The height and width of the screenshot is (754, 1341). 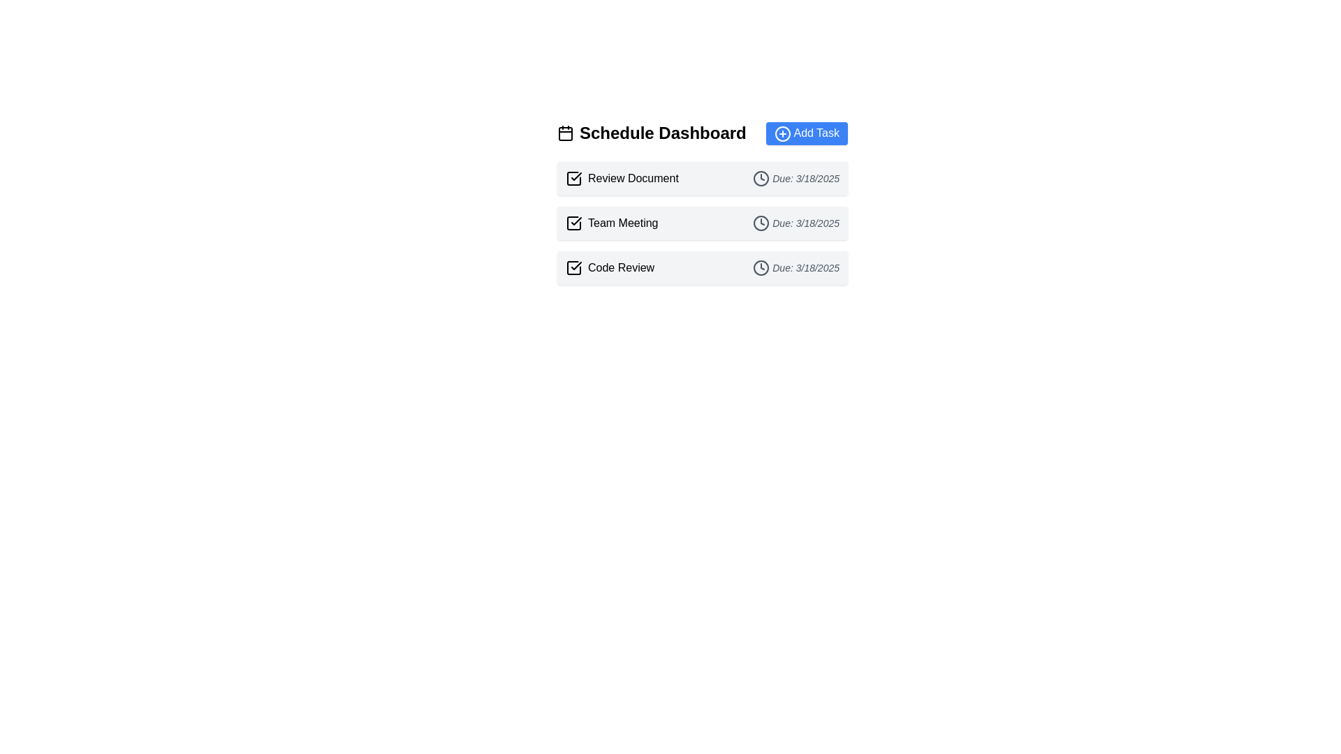 I want to click on the completion indicator icon for the 'Review Document' task located in the top-left portion of the 'Review Document' row under the 'Schedule Dashboard' heading, so click(x=573, y=177).